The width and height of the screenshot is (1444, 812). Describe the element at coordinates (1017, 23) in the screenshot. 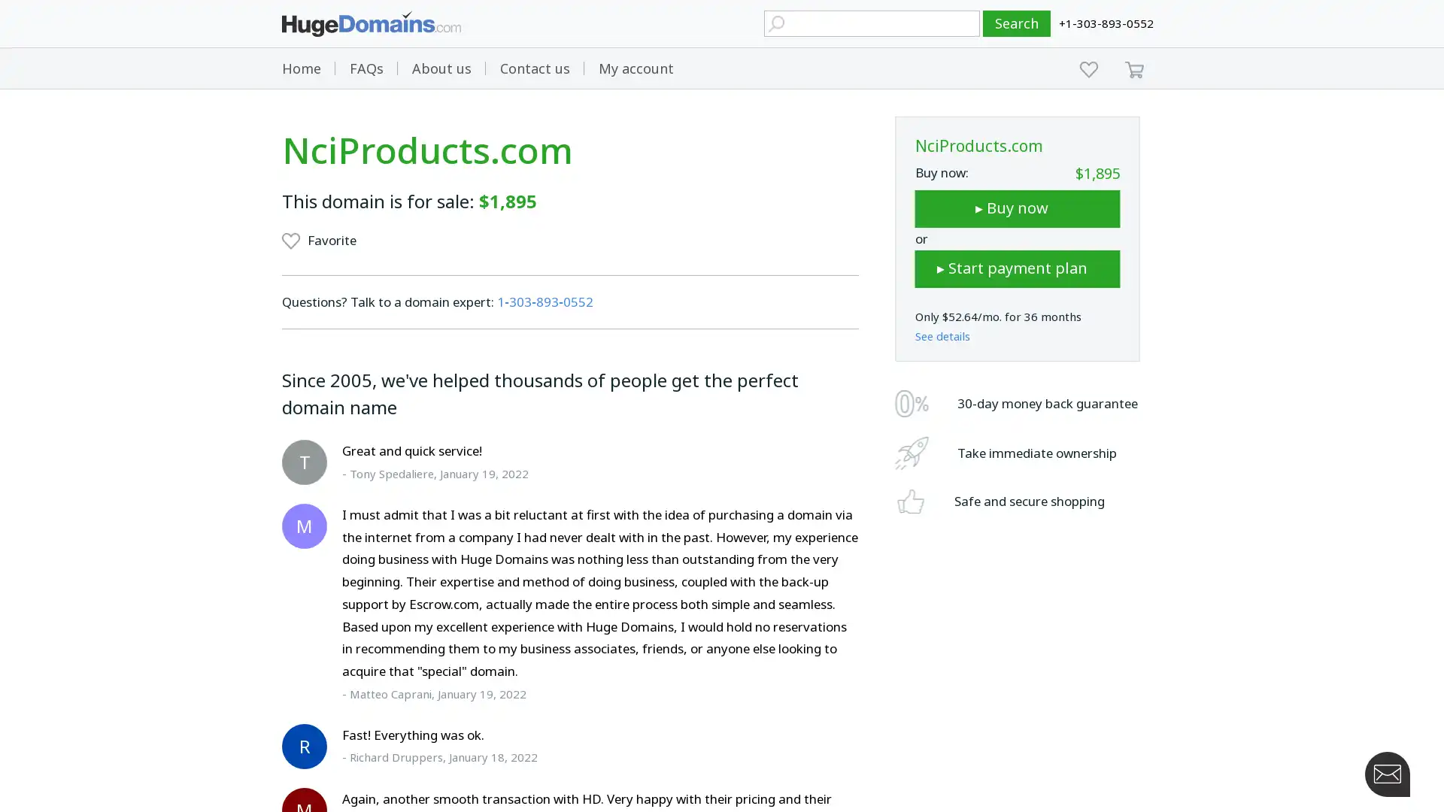

I see `Search` at that location.